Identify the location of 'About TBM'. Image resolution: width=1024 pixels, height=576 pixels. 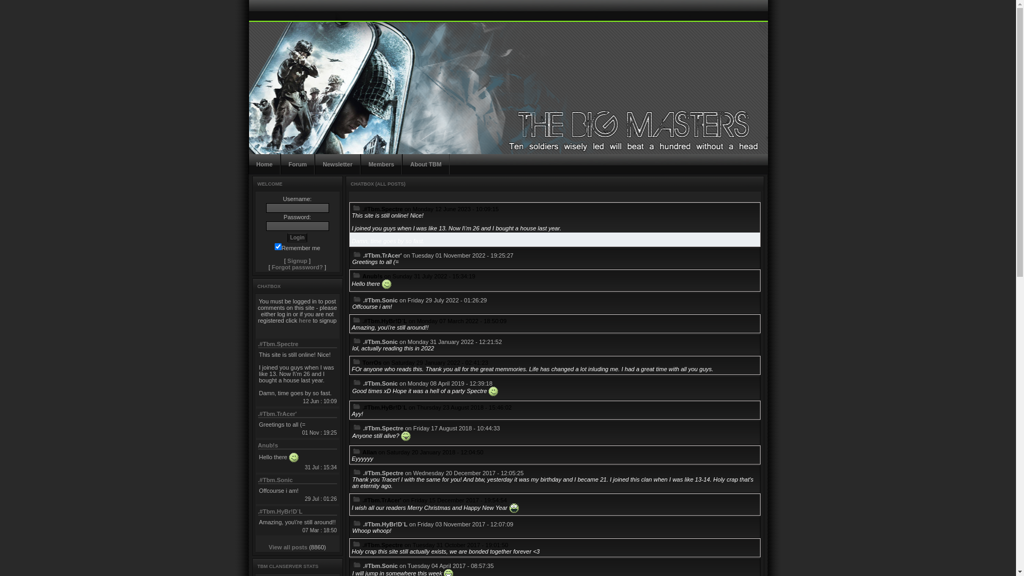
(425, 164).